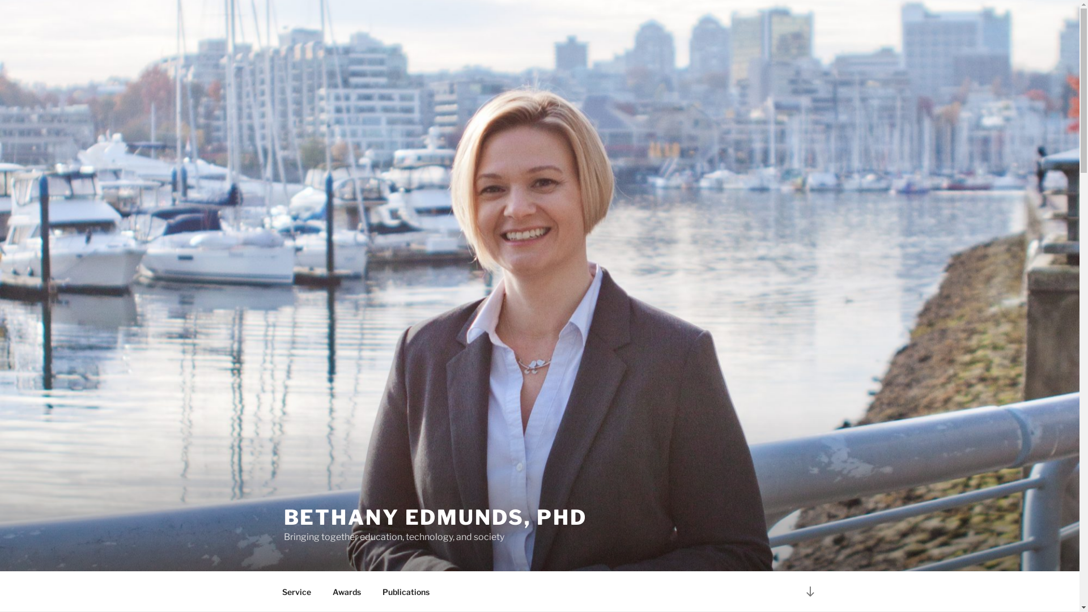 The height and width of the screenshot is (612, 1088). I want to click on 'Scroll down to content', so click(809, 590).